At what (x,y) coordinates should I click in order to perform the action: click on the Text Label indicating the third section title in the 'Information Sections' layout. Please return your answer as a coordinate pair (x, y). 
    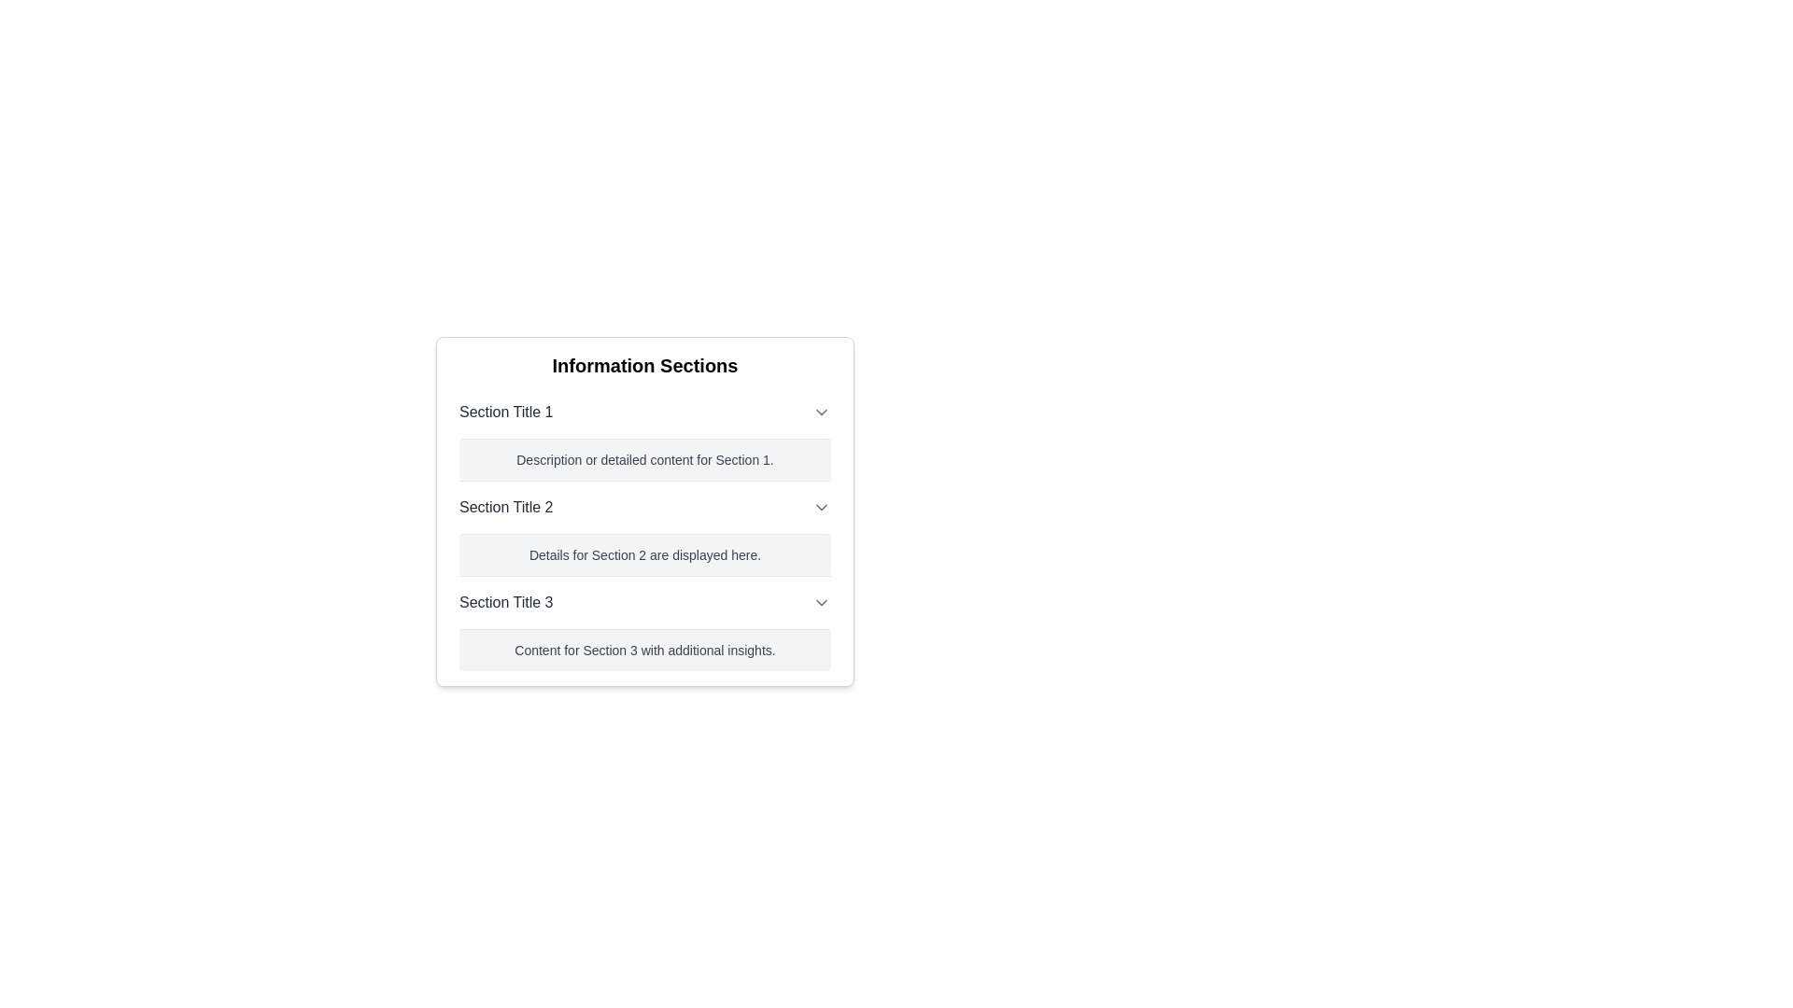
    Looking at the image, I should click on (506, 602).